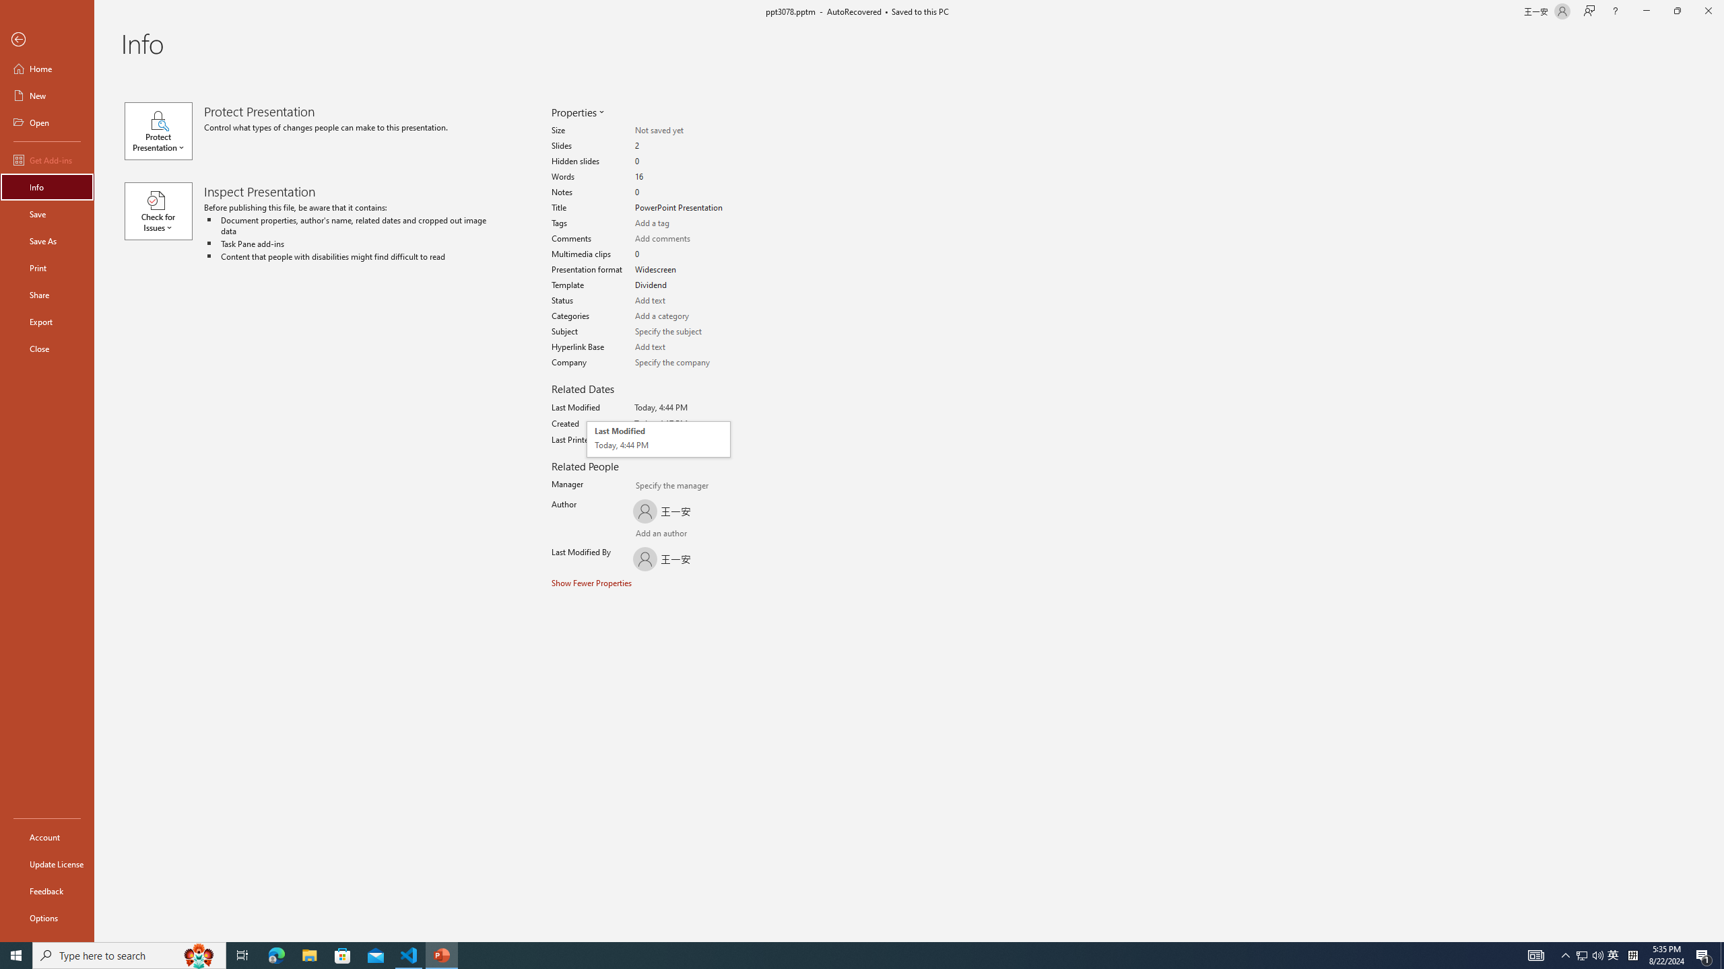 This screenshot has width=1724, height=969. I want to click on 'Feedback', so click(46, 891).